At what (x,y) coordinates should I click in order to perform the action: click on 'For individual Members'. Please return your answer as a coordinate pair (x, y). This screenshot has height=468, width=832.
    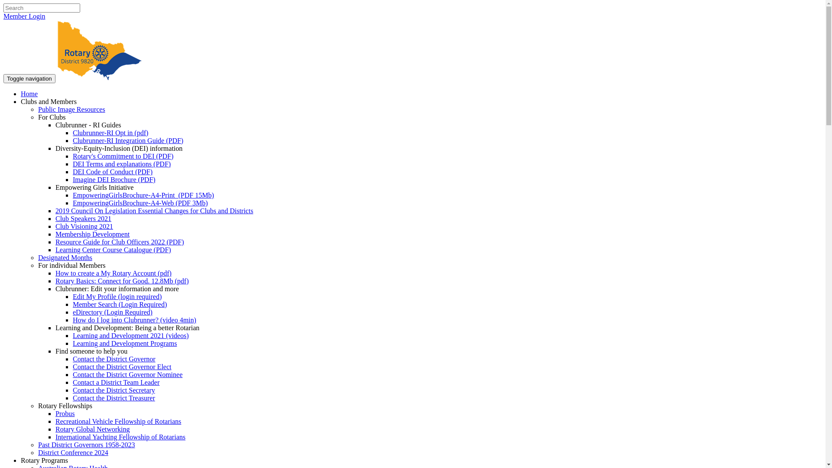
    Looking at the image, I should click on (37, 265).